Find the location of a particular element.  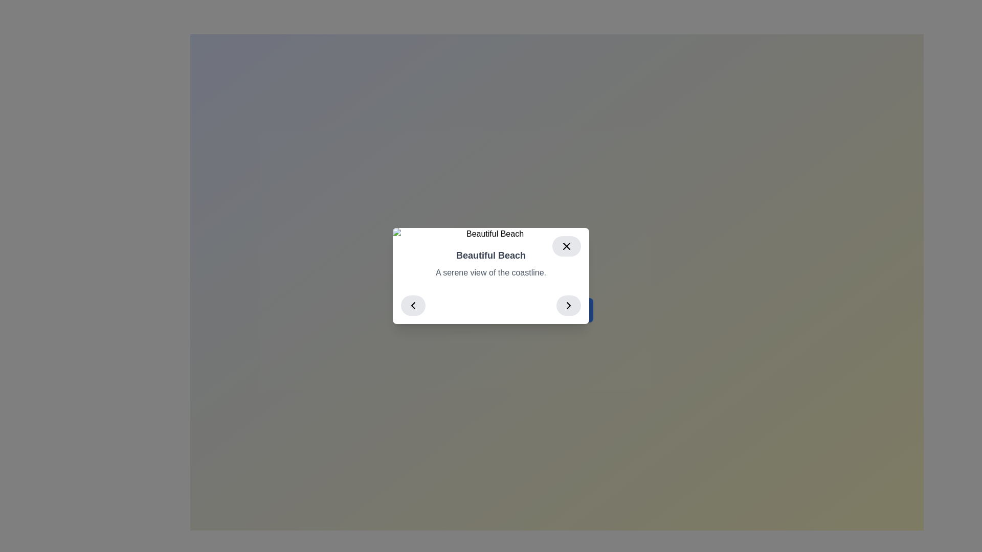

the text label that provides a supplementary description for the title 'Beautiful Beach', located immediately below the title within the popup interface is located at coordinates (491, 272).